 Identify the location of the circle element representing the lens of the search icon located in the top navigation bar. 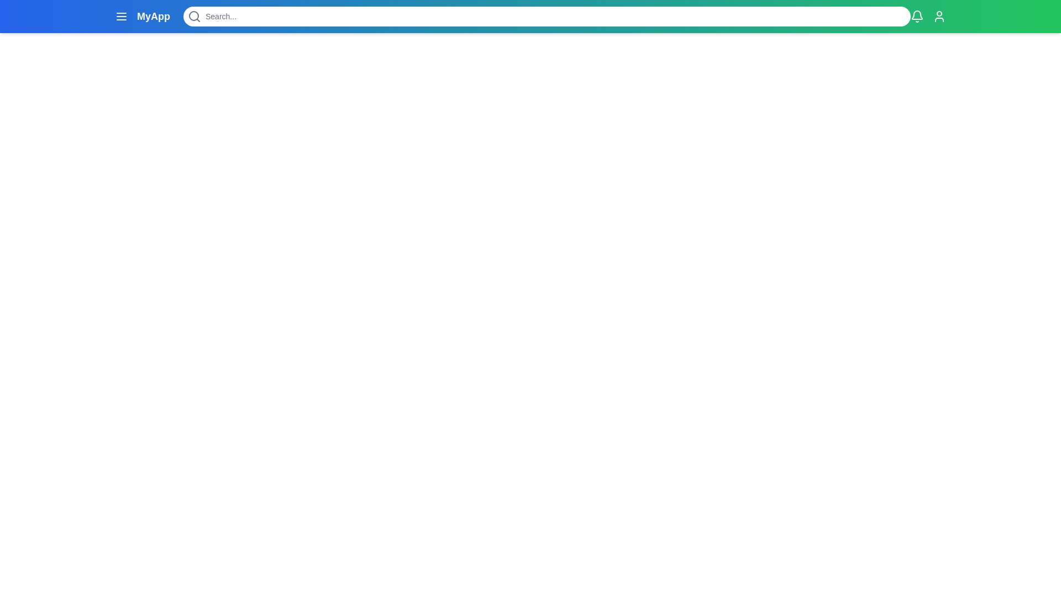
(193, 16).